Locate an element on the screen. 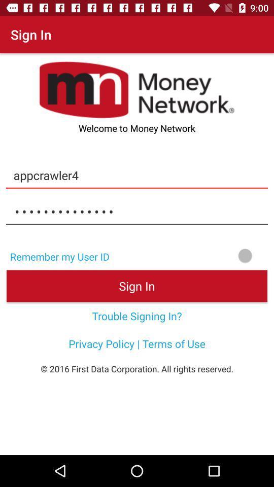  privacy policy terms item is located at coordinates (137, 343).